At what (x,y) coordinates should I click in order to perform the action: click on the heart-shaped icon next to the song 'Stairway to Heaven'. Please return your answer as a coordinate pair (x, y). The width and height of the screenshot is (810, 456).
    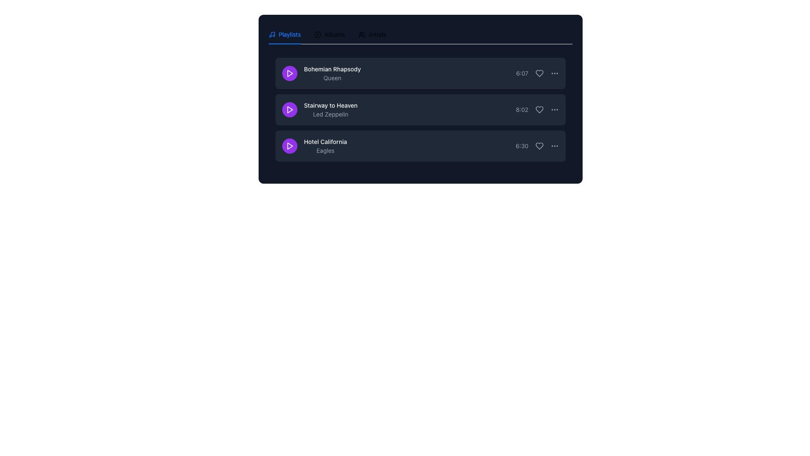
    Looking at the image, I should click on (539, 109).